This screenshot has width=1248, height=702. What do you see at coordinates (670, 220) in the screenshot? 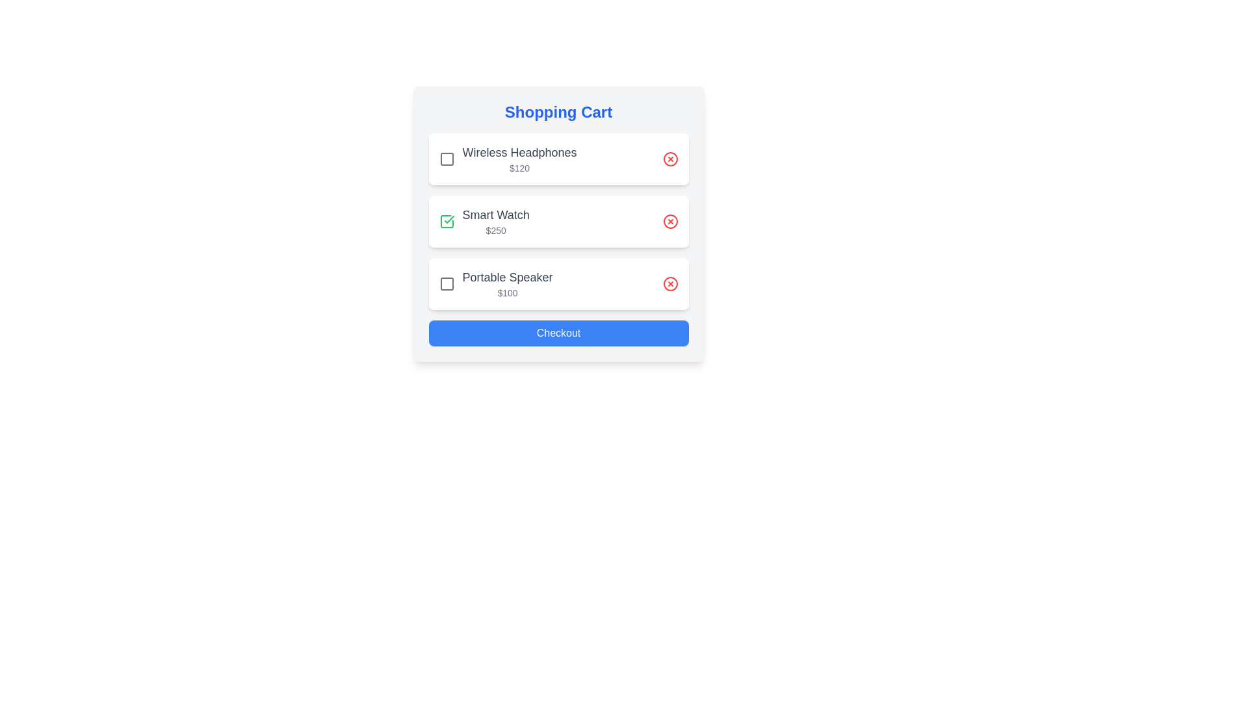
I see `remove button for the item Smart Watch` at bounding box center [670, 220].